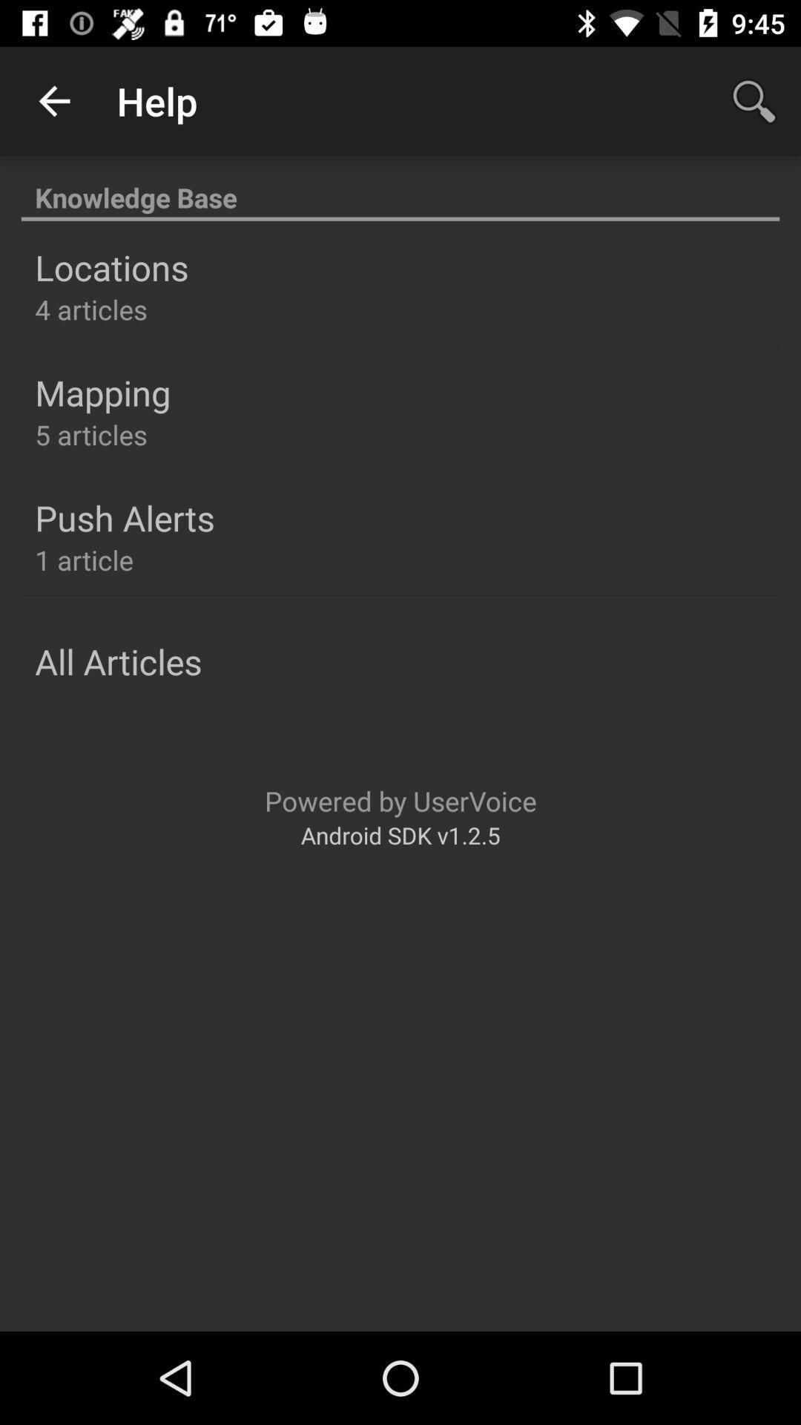 The image size is (801, 1425). What do you see at coordinates (754, 100) in the screenshot?
I see `the item at the top right corner` at bounding box center [754, 100].